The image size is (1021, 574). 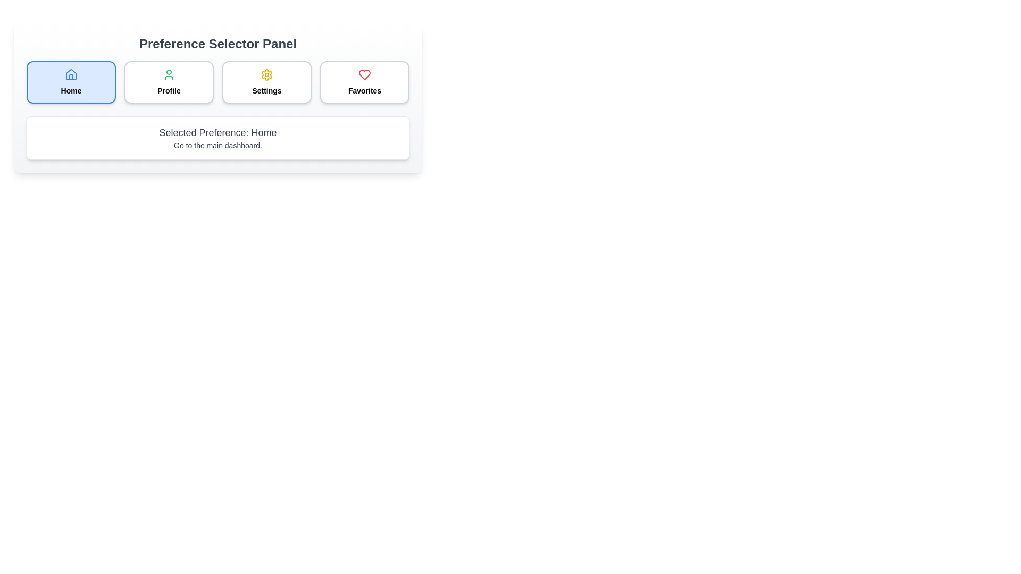 What do you see at coordinates (267, 74) in the screenshot?
I see `the visual state of the yellow gear-shaped icon representing settings, located in the top row of the interface, third from the left` at bounding box center [267, 74].